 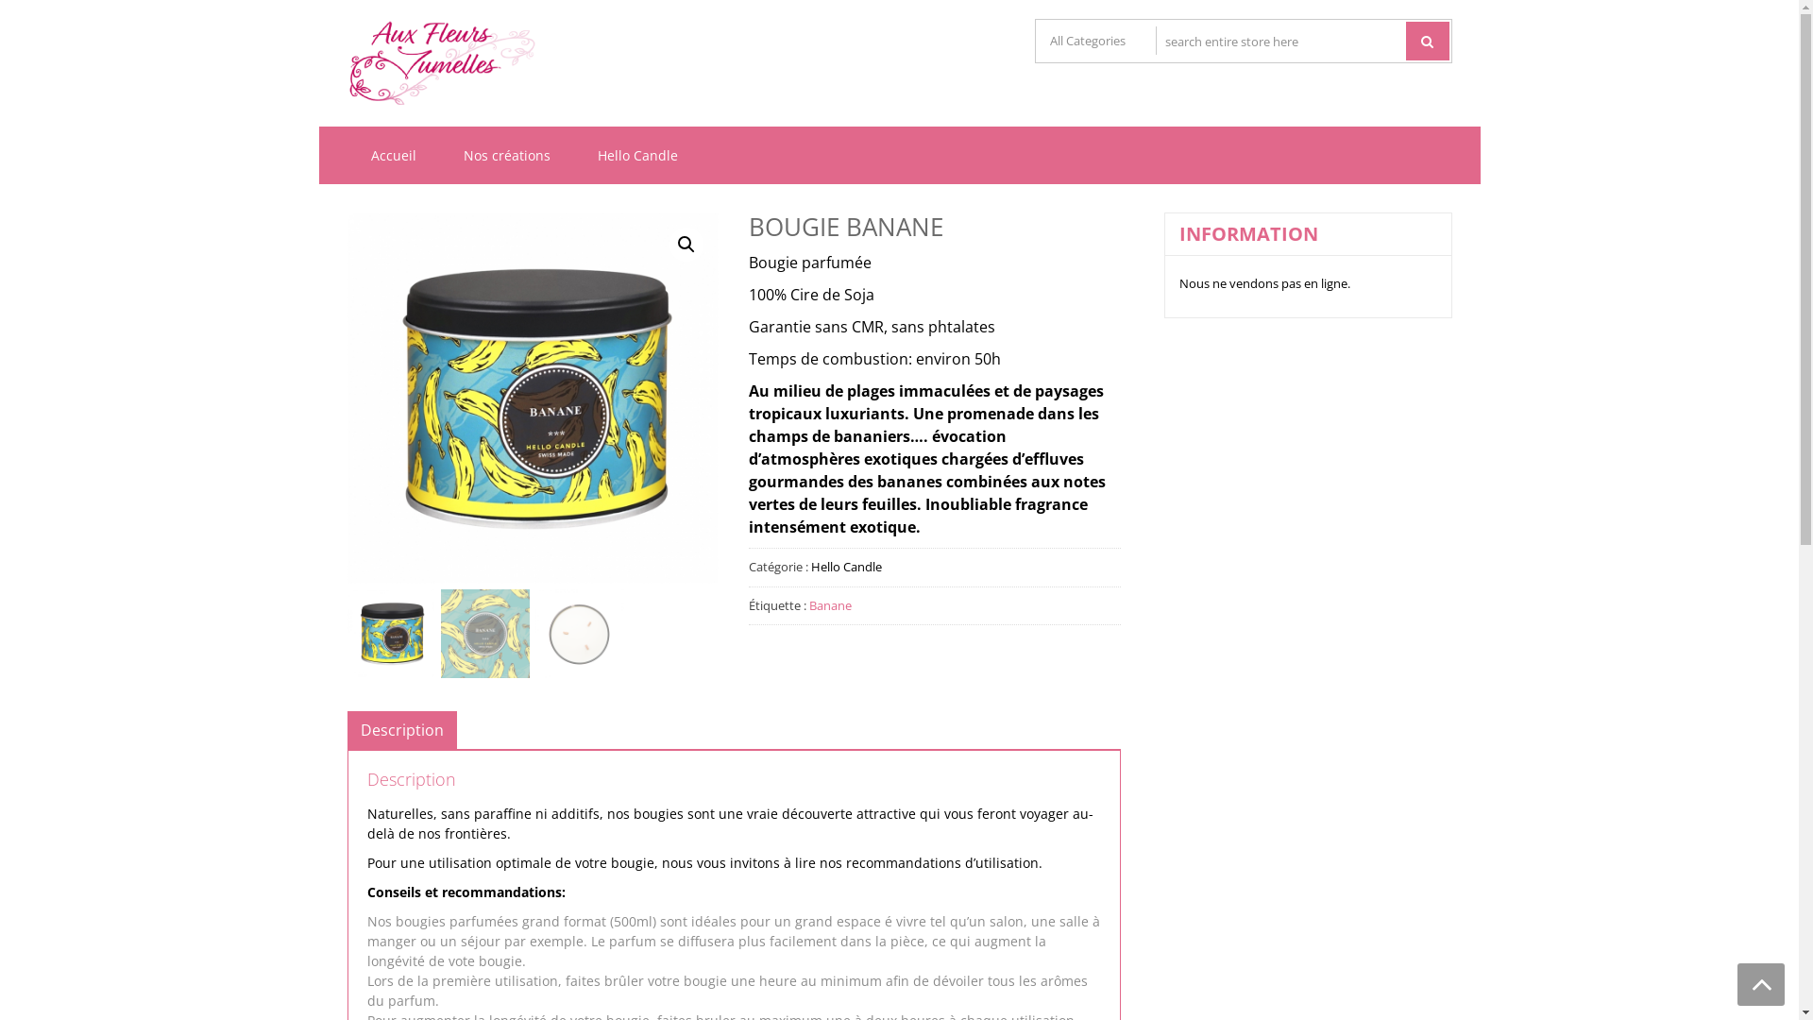 I want to click on 'Bougie_banane_1', so click(x=532, y=397).